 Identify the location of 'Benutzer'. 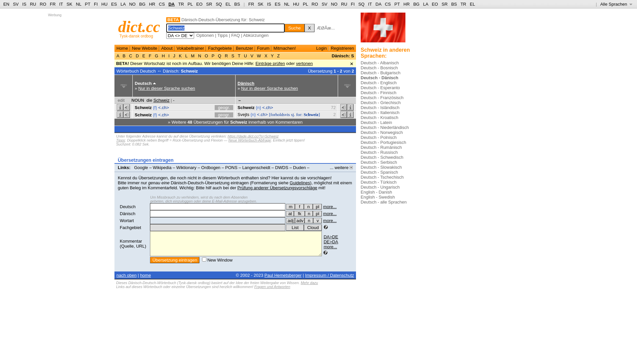
(244, 48).